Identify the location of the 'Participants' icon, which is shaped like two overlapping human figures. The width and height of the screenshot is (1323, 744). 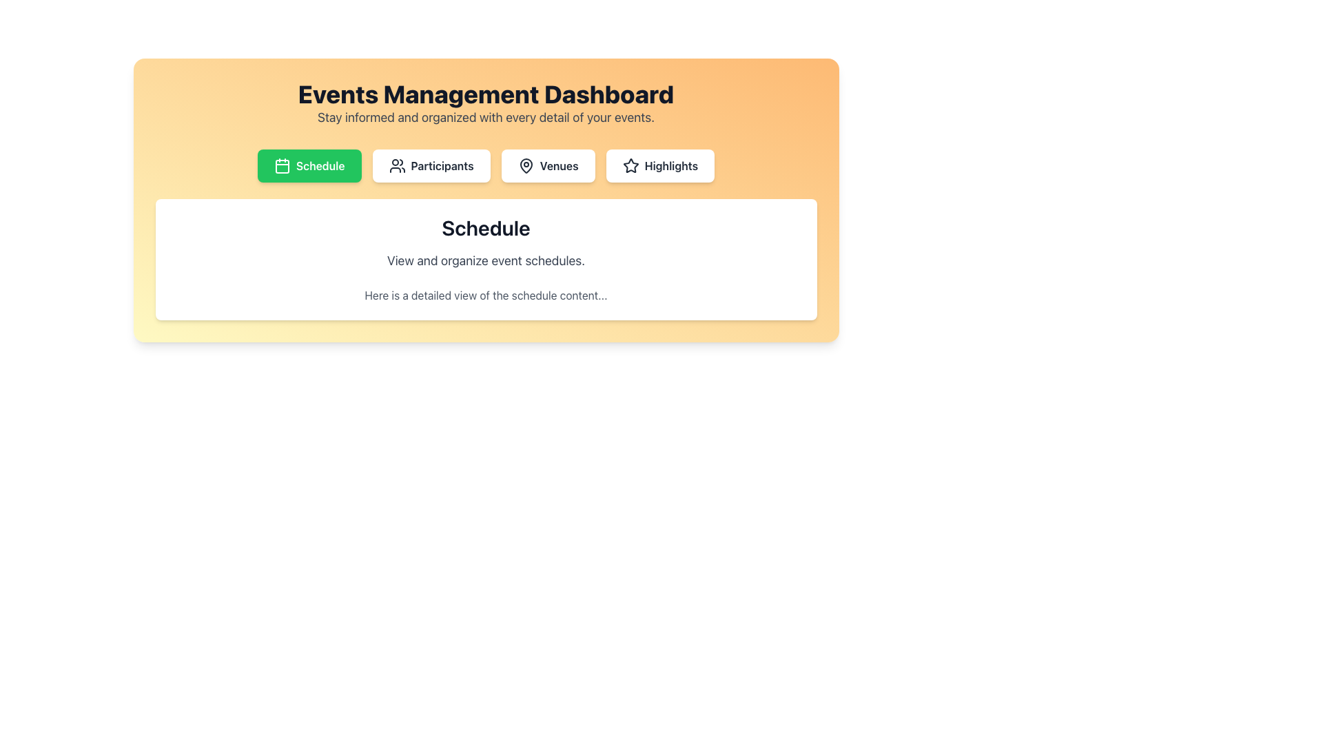
(396, 165).